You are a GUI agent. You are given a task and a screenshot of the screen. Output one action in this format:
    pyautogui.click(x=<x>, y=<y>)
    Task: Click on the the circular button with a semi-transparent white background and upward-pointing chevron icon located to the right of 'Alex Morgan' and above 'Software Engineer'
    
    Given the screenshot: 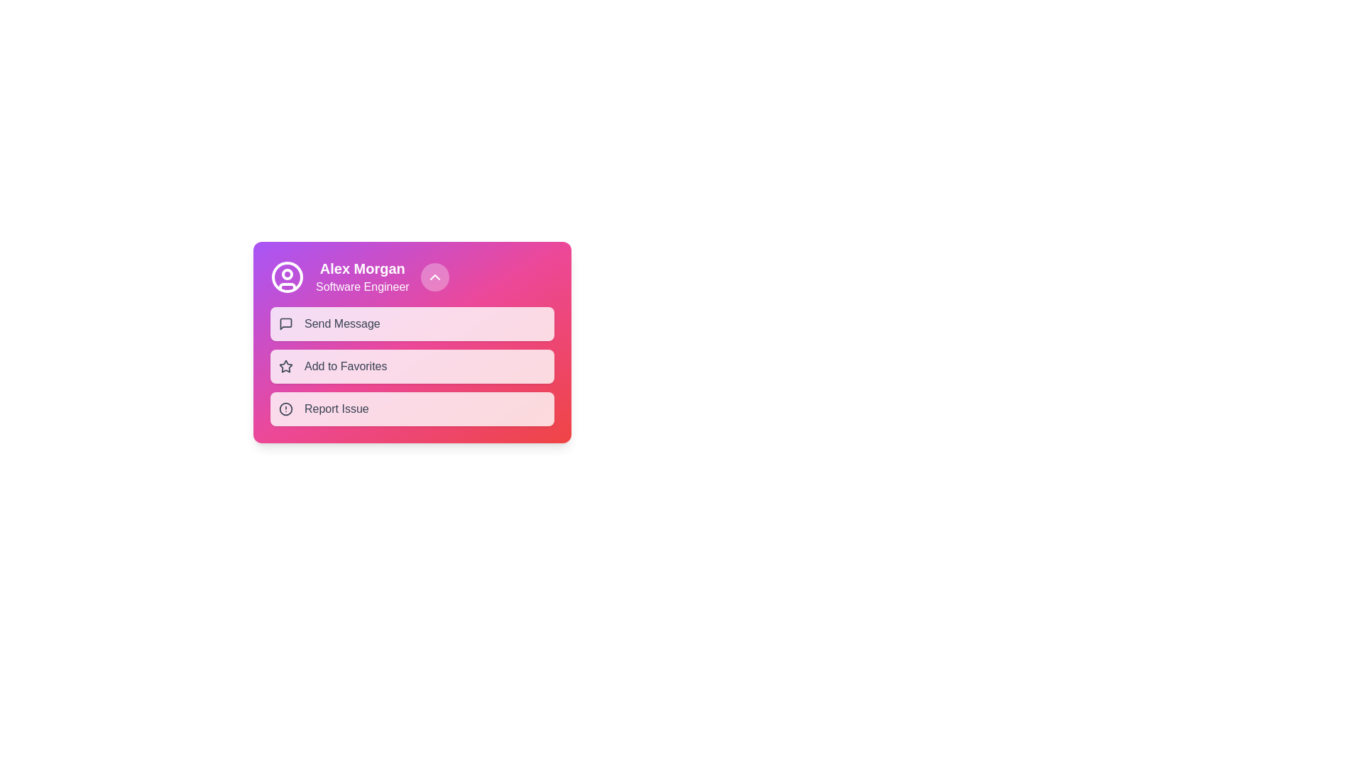 What is the action you would take?
    pyautogui.click(x=434, y=277)
    